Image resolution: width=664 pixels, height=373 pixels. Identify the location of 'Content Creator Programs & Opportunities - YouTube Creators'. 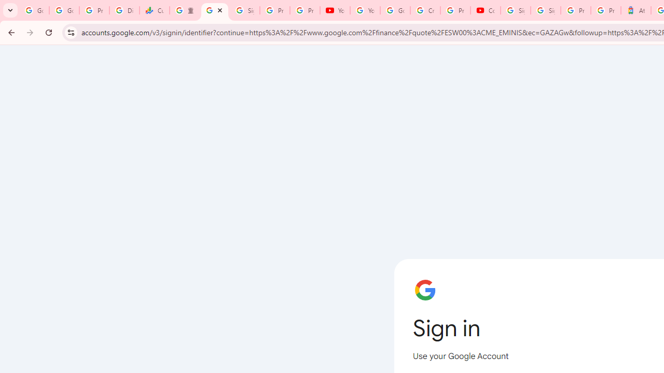
(485, 10).